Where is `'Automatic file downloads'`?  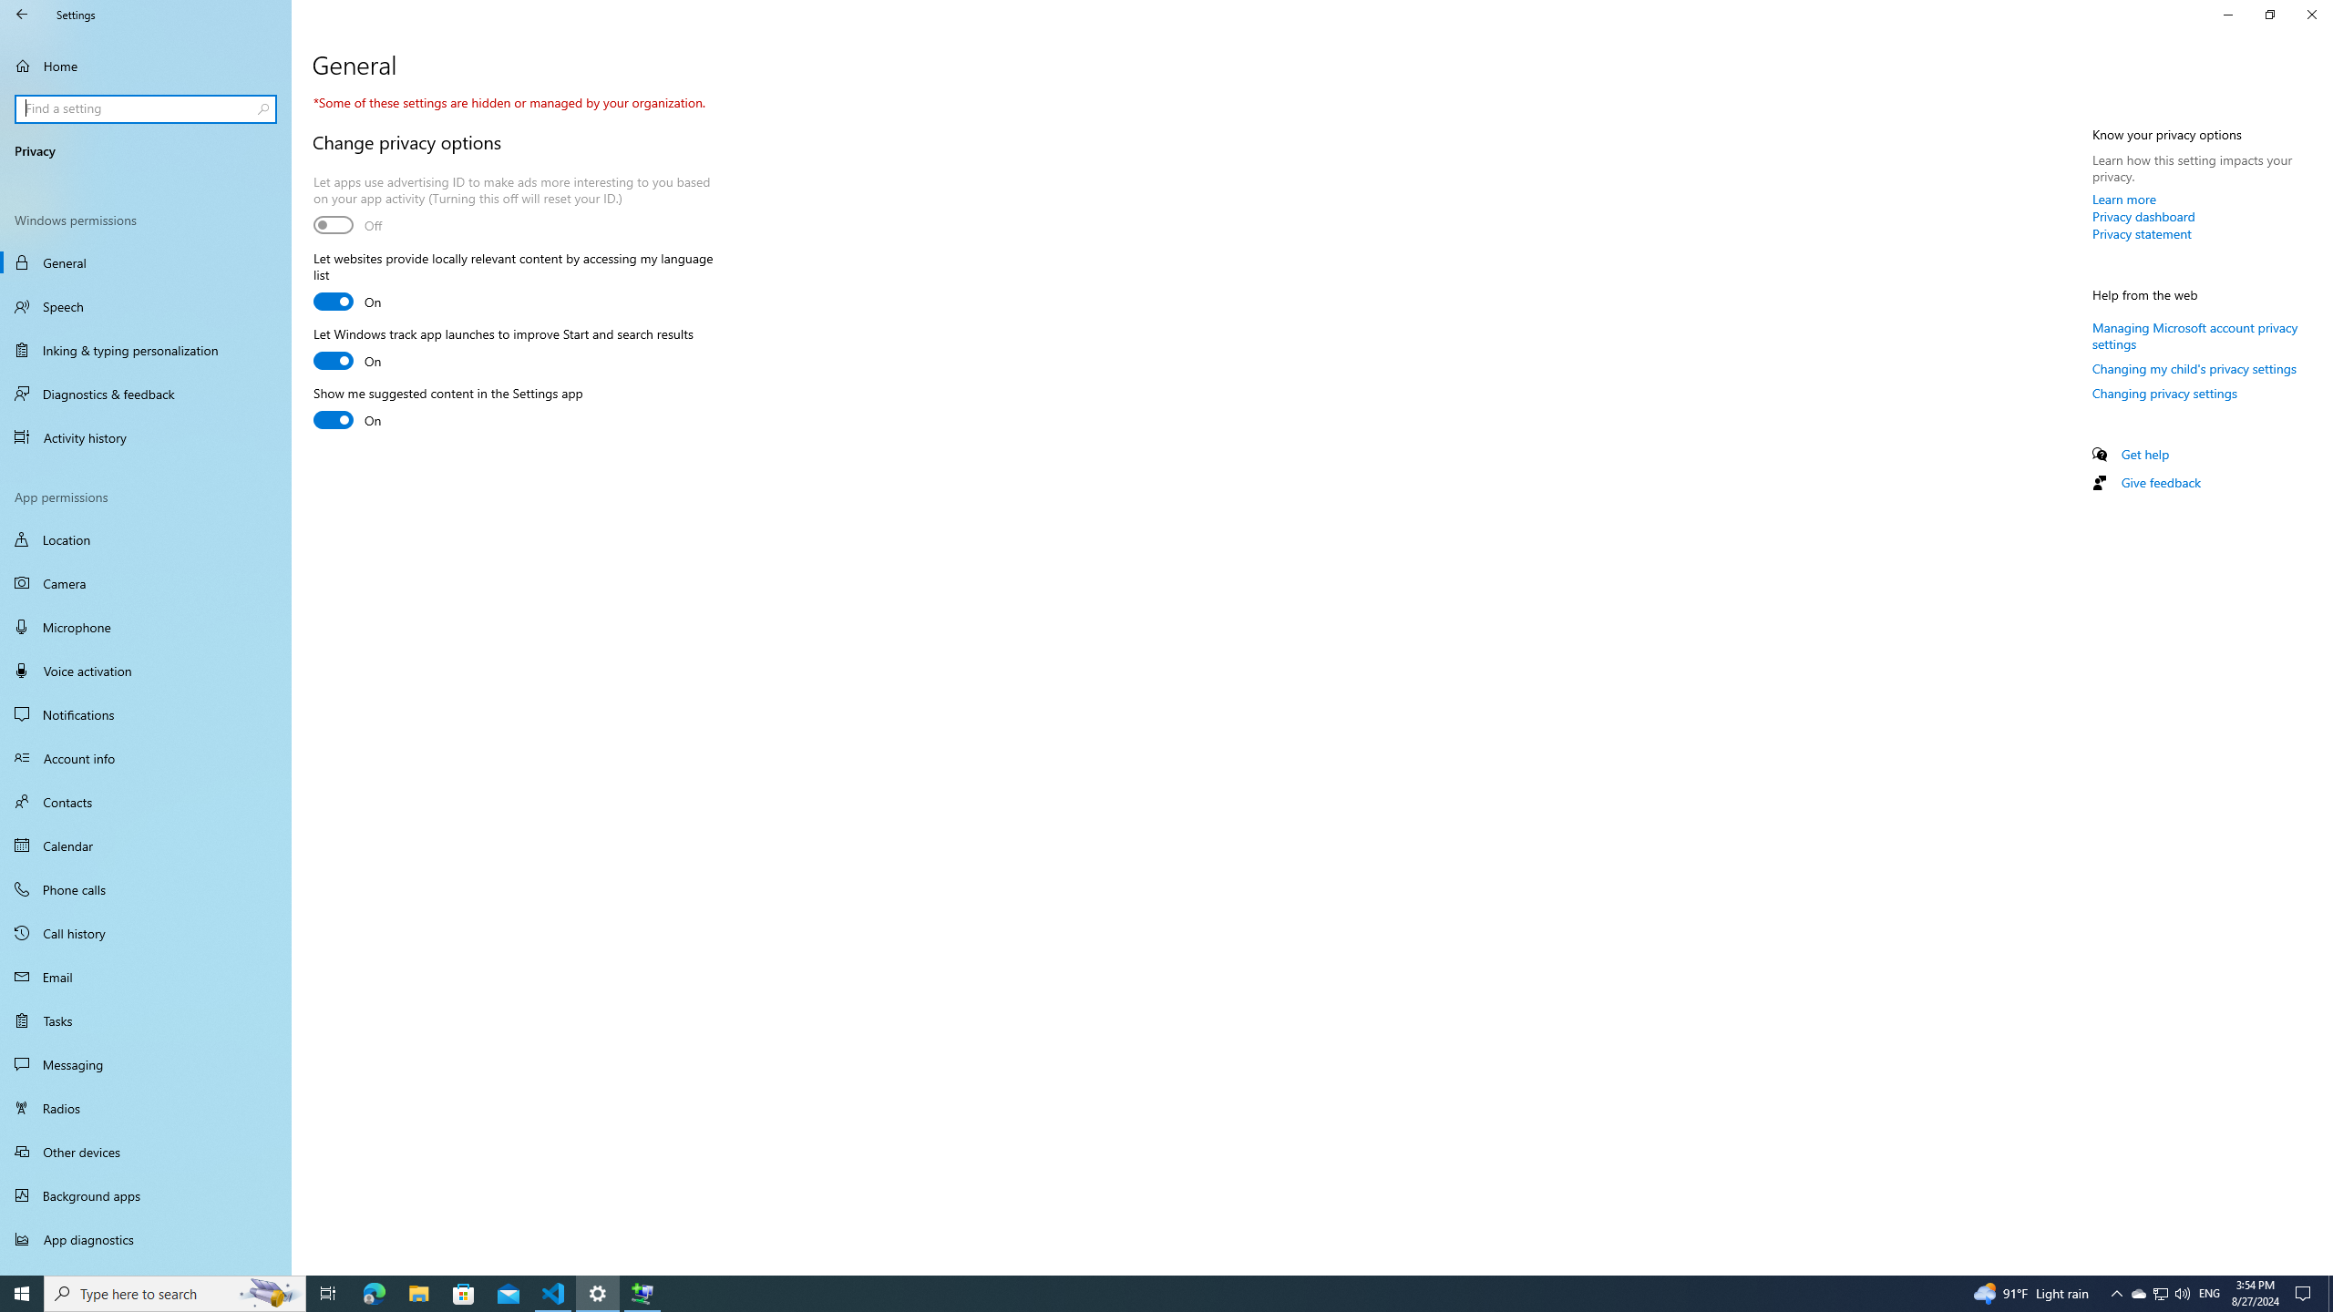 'Automatic file downloads' is located at coordinates (145, 1266).